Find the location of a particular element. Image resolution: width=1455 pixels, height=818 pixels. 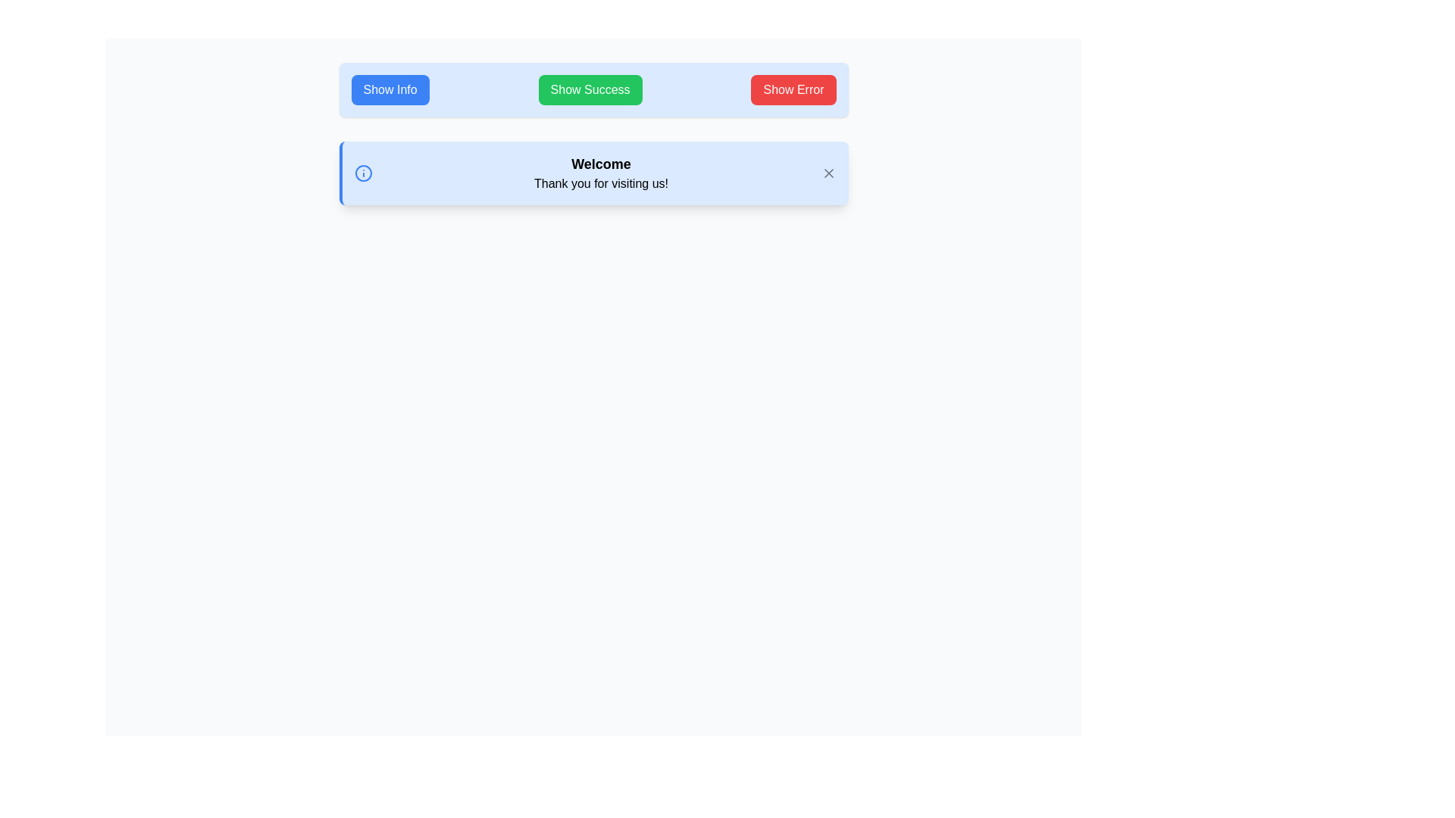

the welcoming message displayed prominently within the blue notification box is located at coordinates (600, 172).